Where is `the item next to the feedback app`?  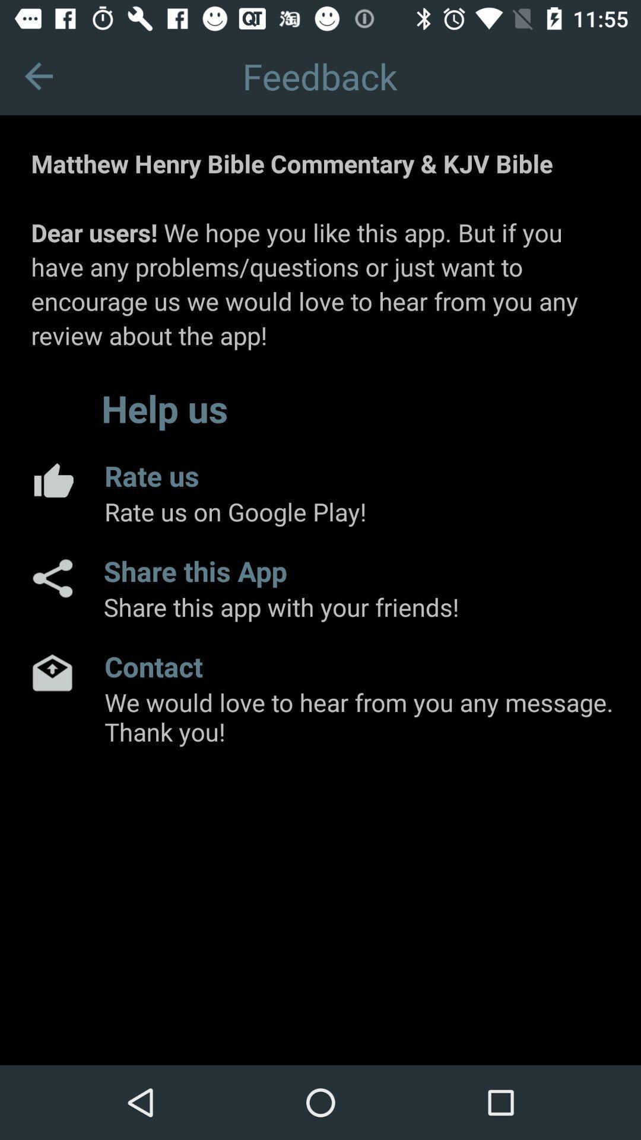 the item next to the feedback app is located at coordinates (38, 75).